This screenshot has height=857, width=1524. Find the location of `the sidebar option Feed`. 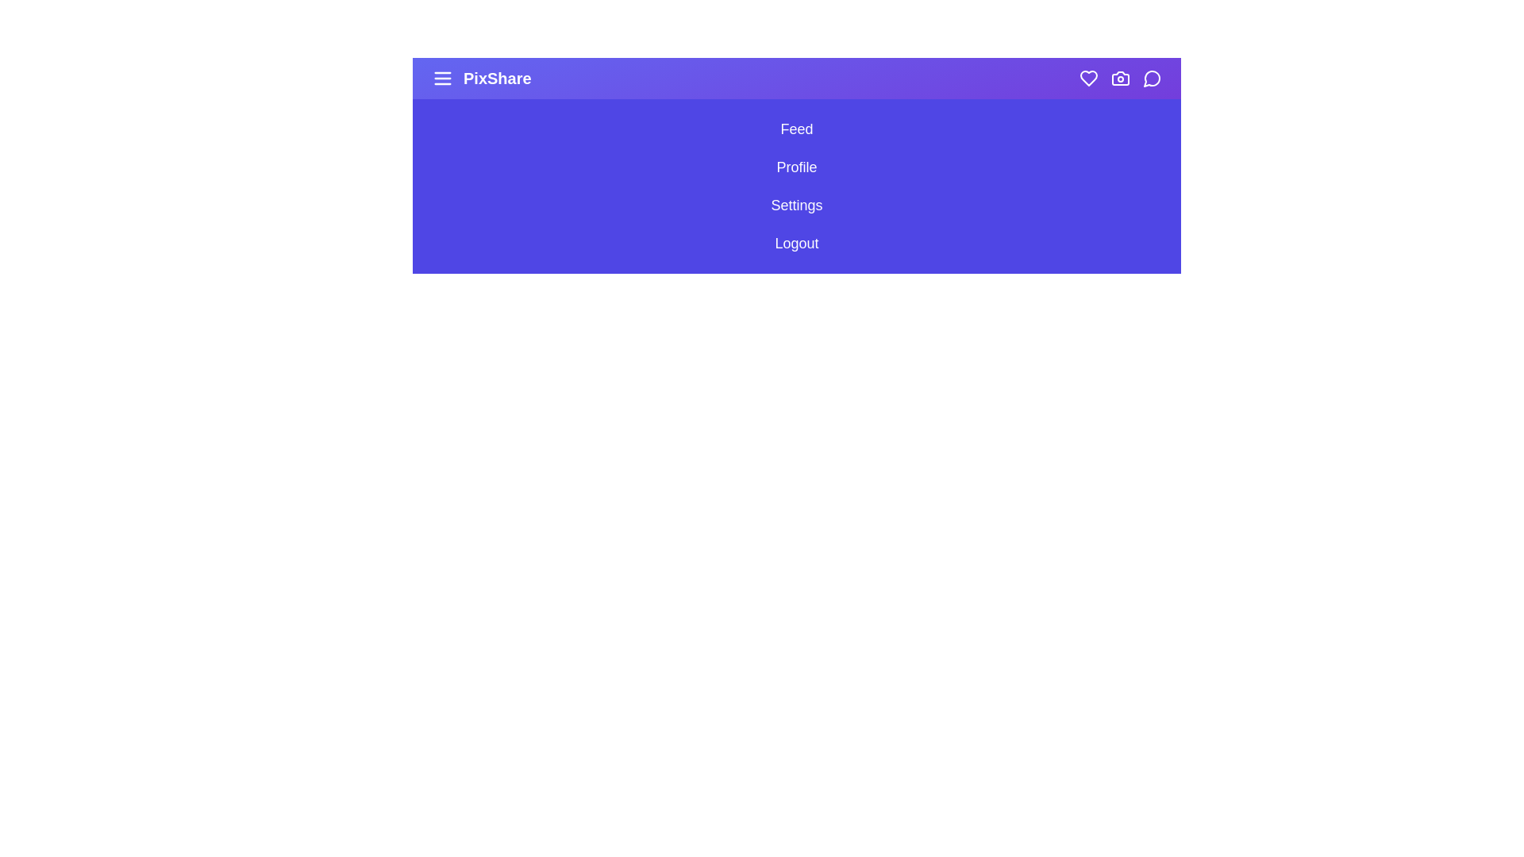

the sidebar option Feed is located at coordinates (796, 128).